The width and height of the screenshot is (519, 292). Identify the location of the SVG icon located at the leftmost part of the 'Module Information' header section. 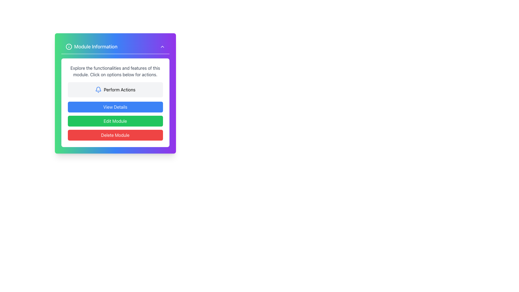
(68, 47).